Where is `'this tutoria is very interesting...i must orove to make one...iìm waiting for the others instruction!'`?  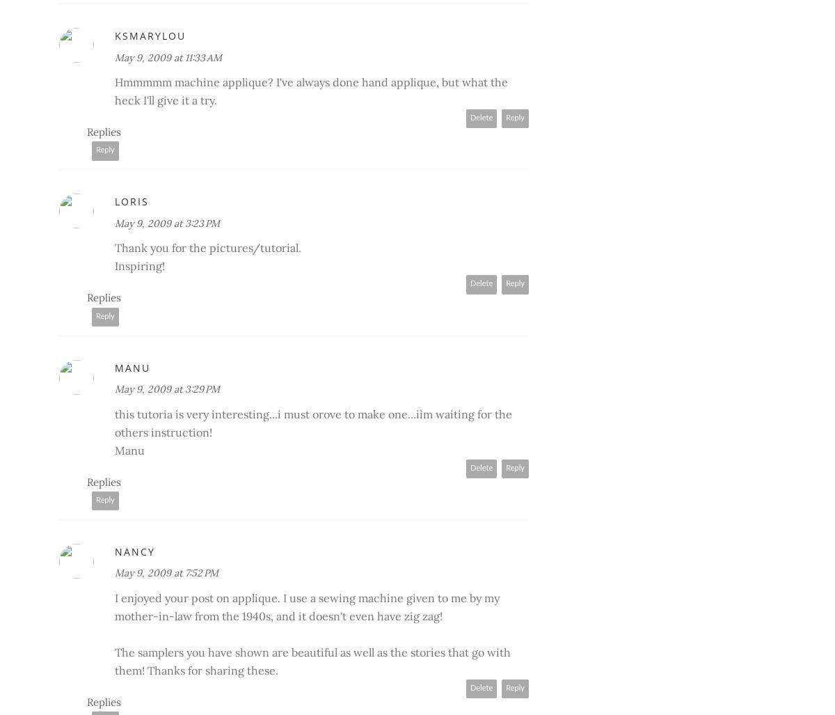
'this tutoria is very interesting...i must orove to make one...iìm waiting for the others instruction!' is located at coordinates (313, 422).